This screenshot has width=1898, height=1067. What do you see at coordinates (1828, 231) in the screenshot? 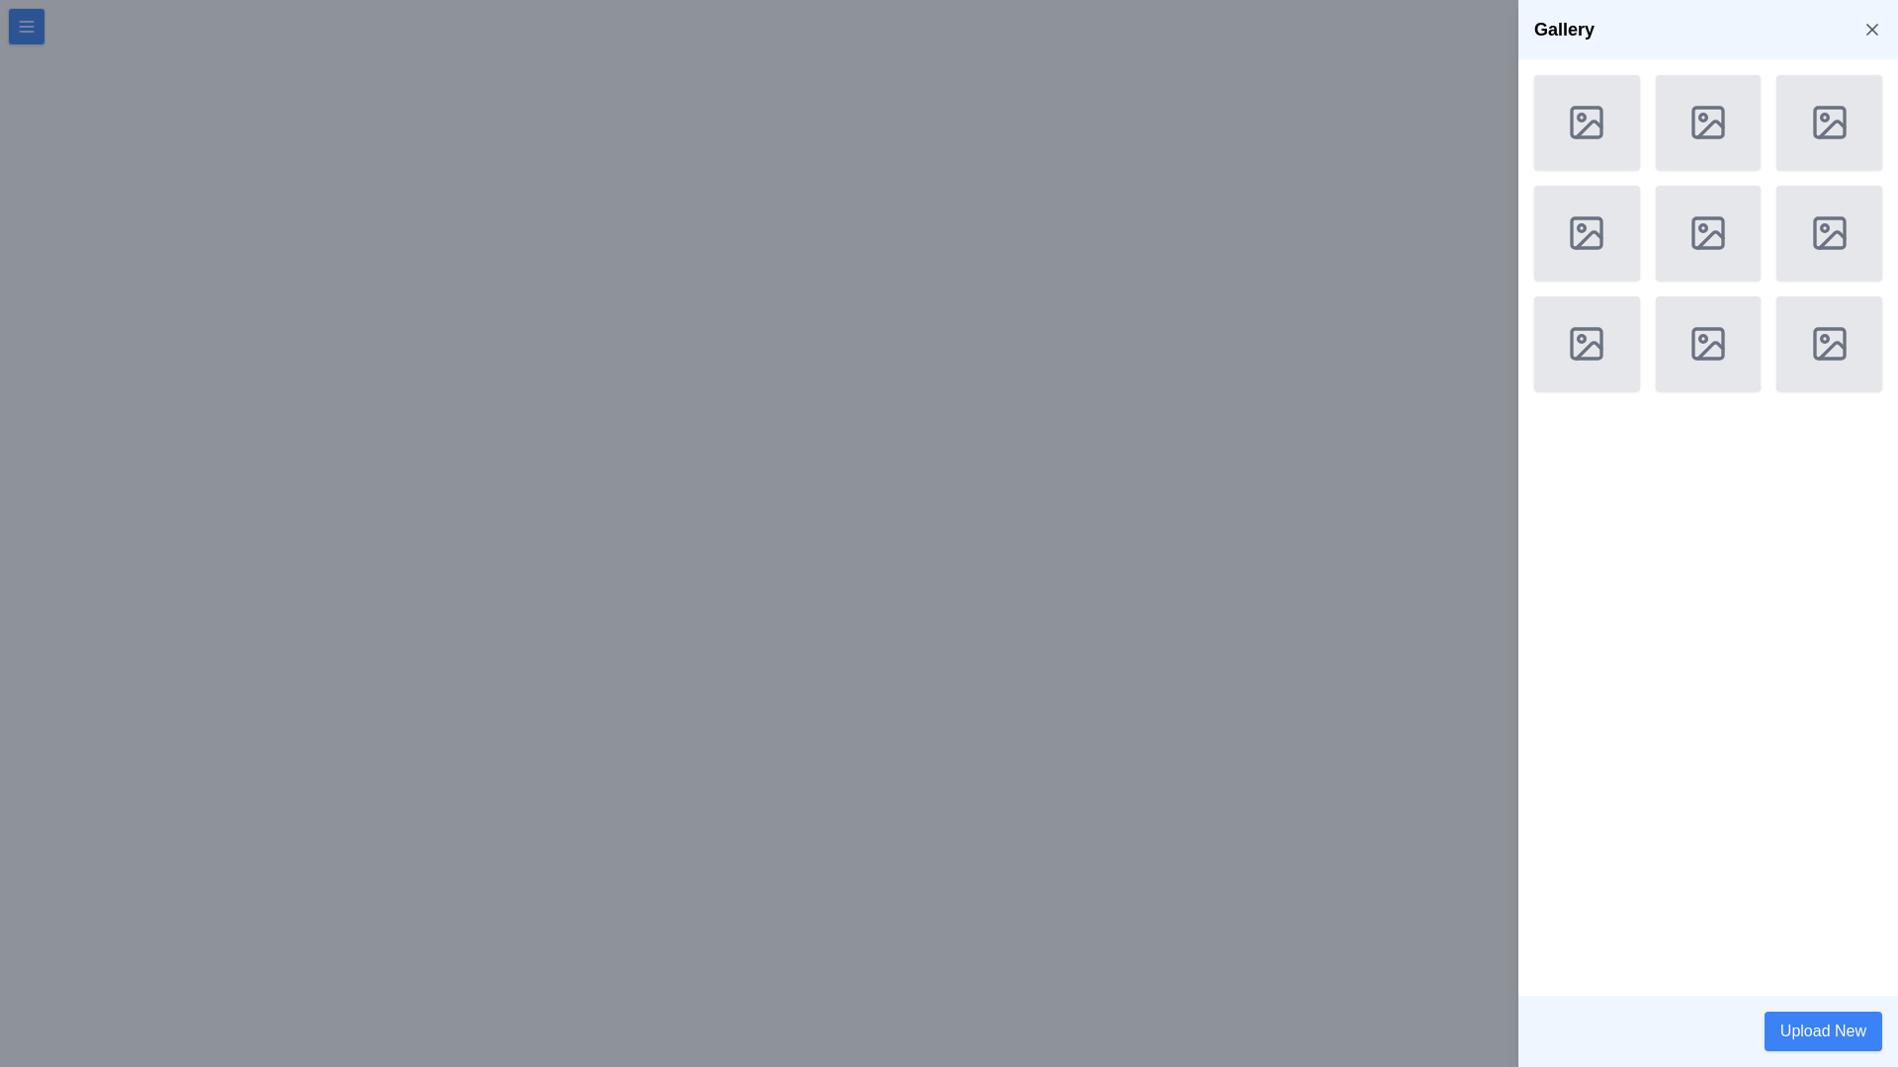
I see `the icon representing an image, which has a square outline with rounded corners and is located in the third row, third column of the gallery grid` at bounding box center [1828, 231].